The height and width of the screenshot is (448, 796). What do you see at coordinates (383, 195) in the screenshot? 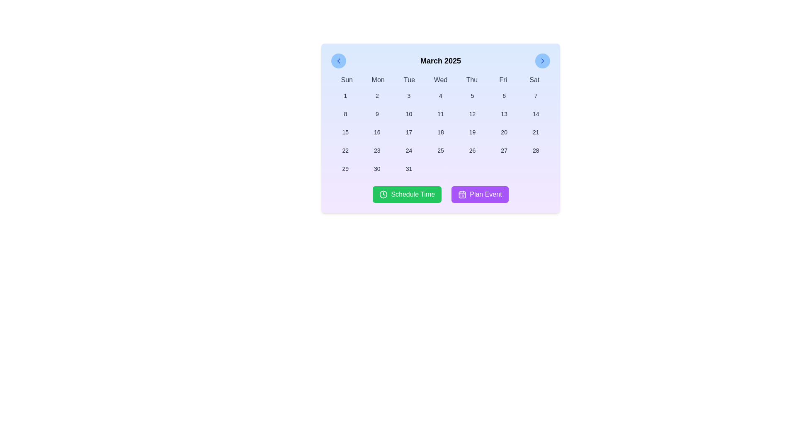
I see `the clock icon located inside the green 'Schedule Time' button at the bottom left of the calendar section for accessibility purposes` at bounding box center [383, 195].